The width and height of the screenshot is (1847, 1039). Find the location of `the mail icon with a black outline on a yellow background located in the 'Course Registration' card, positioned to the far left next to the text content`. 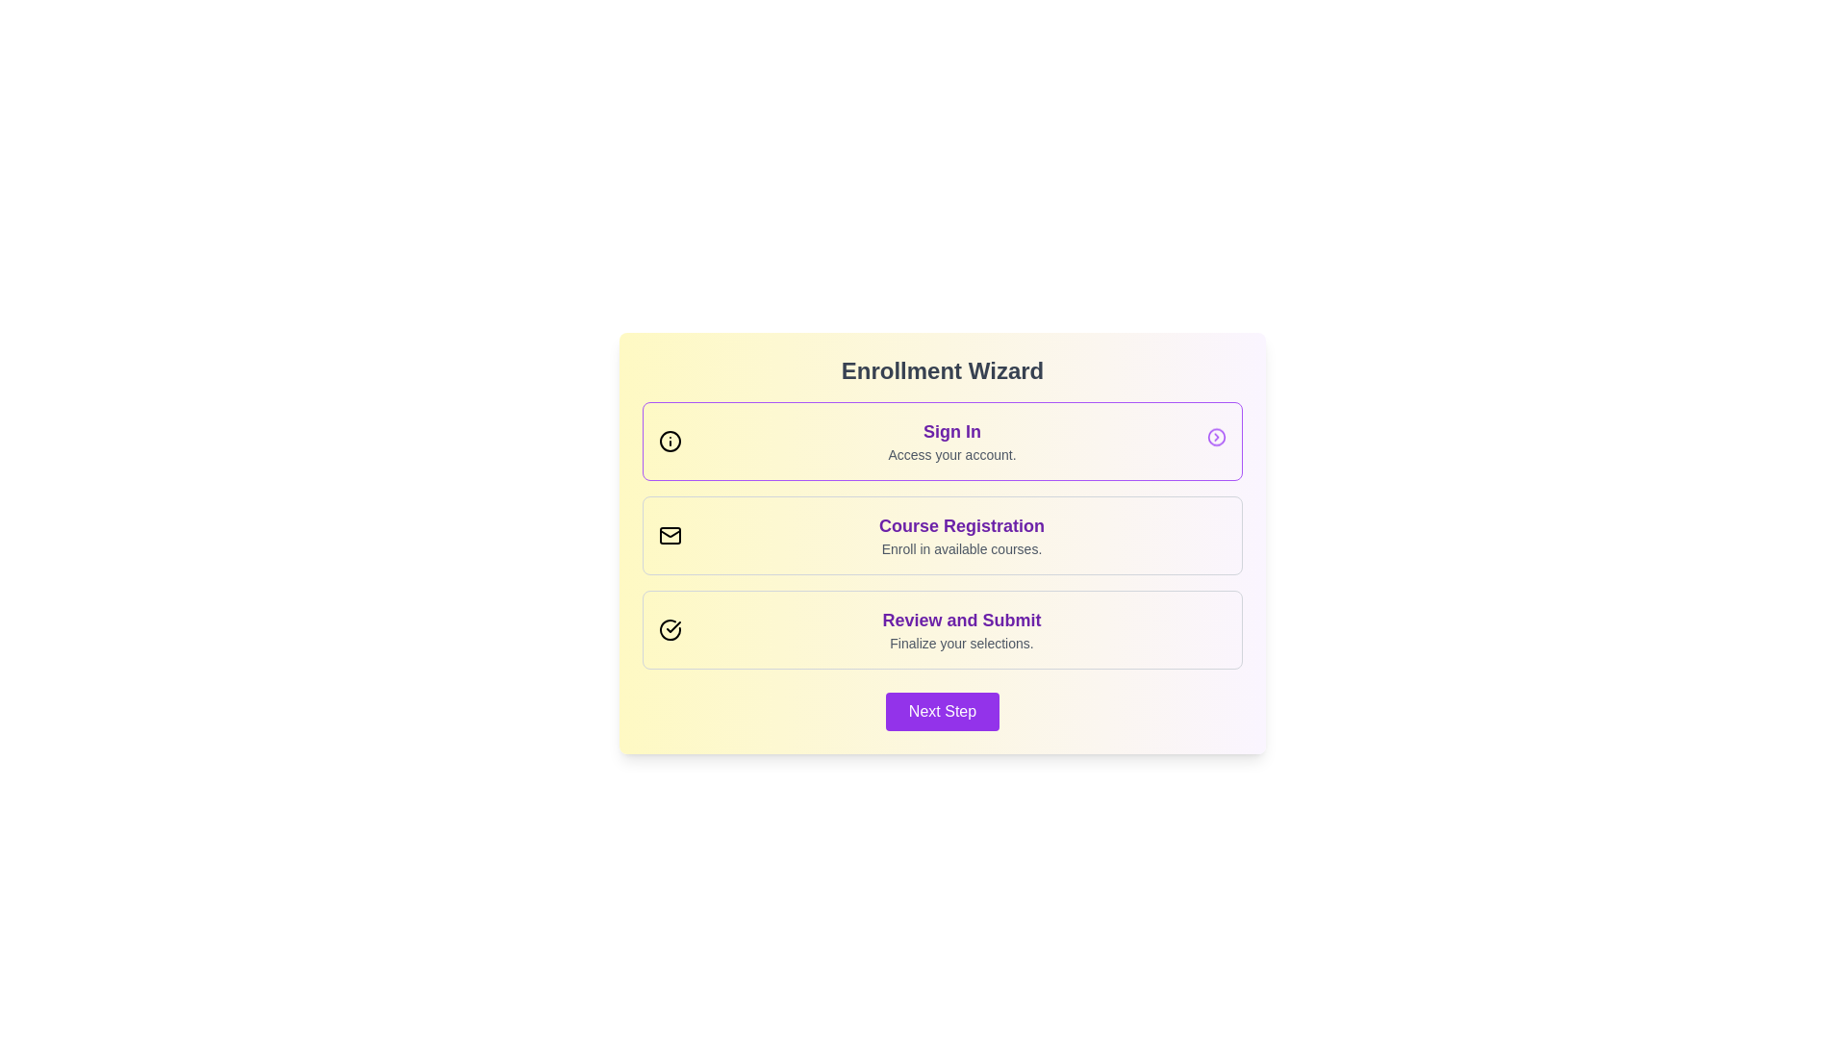

the mail icon with a black outline on a yellow background located in the 'Course Registration' card, positioned to the far left next to the text content is located at coordinates (670, 535).